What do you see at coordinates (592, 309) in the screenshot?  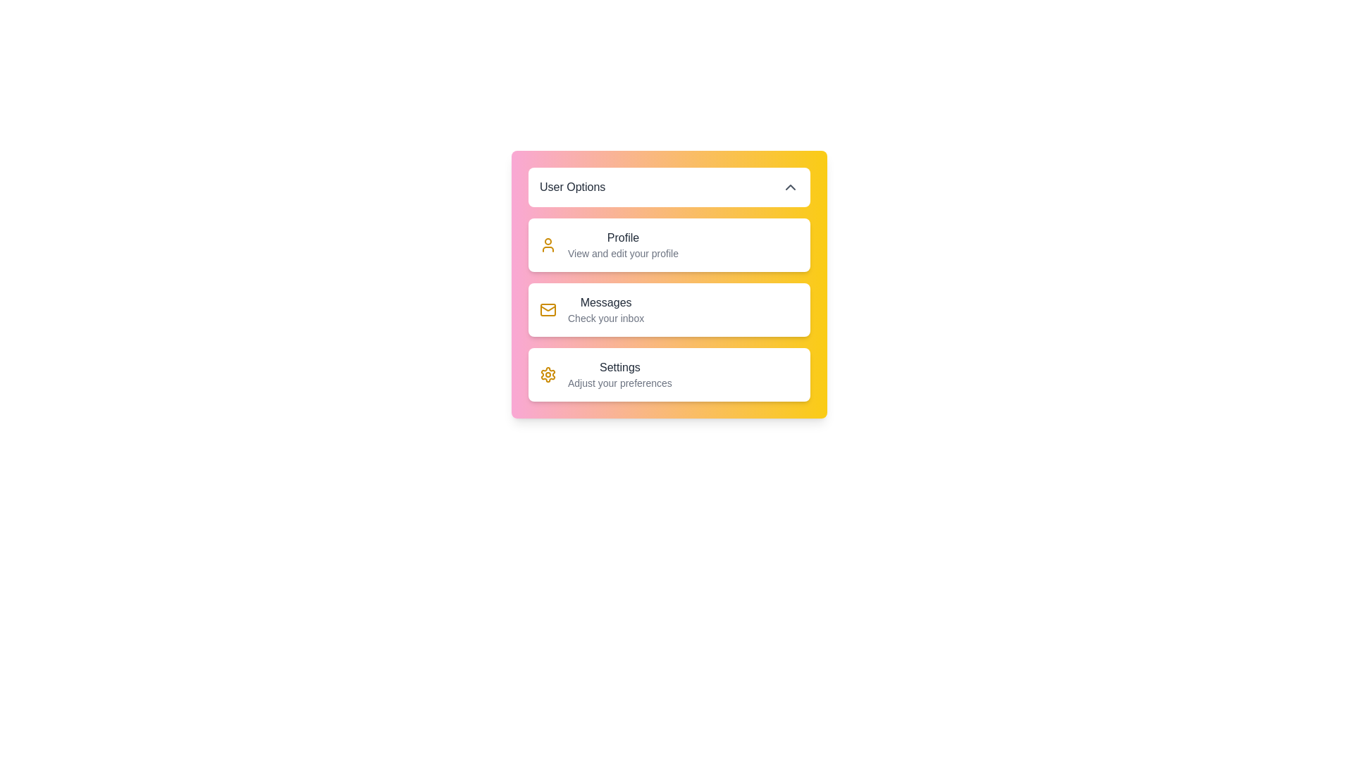 I see `the option Messages from the menu` at bounding box center [592, 309].